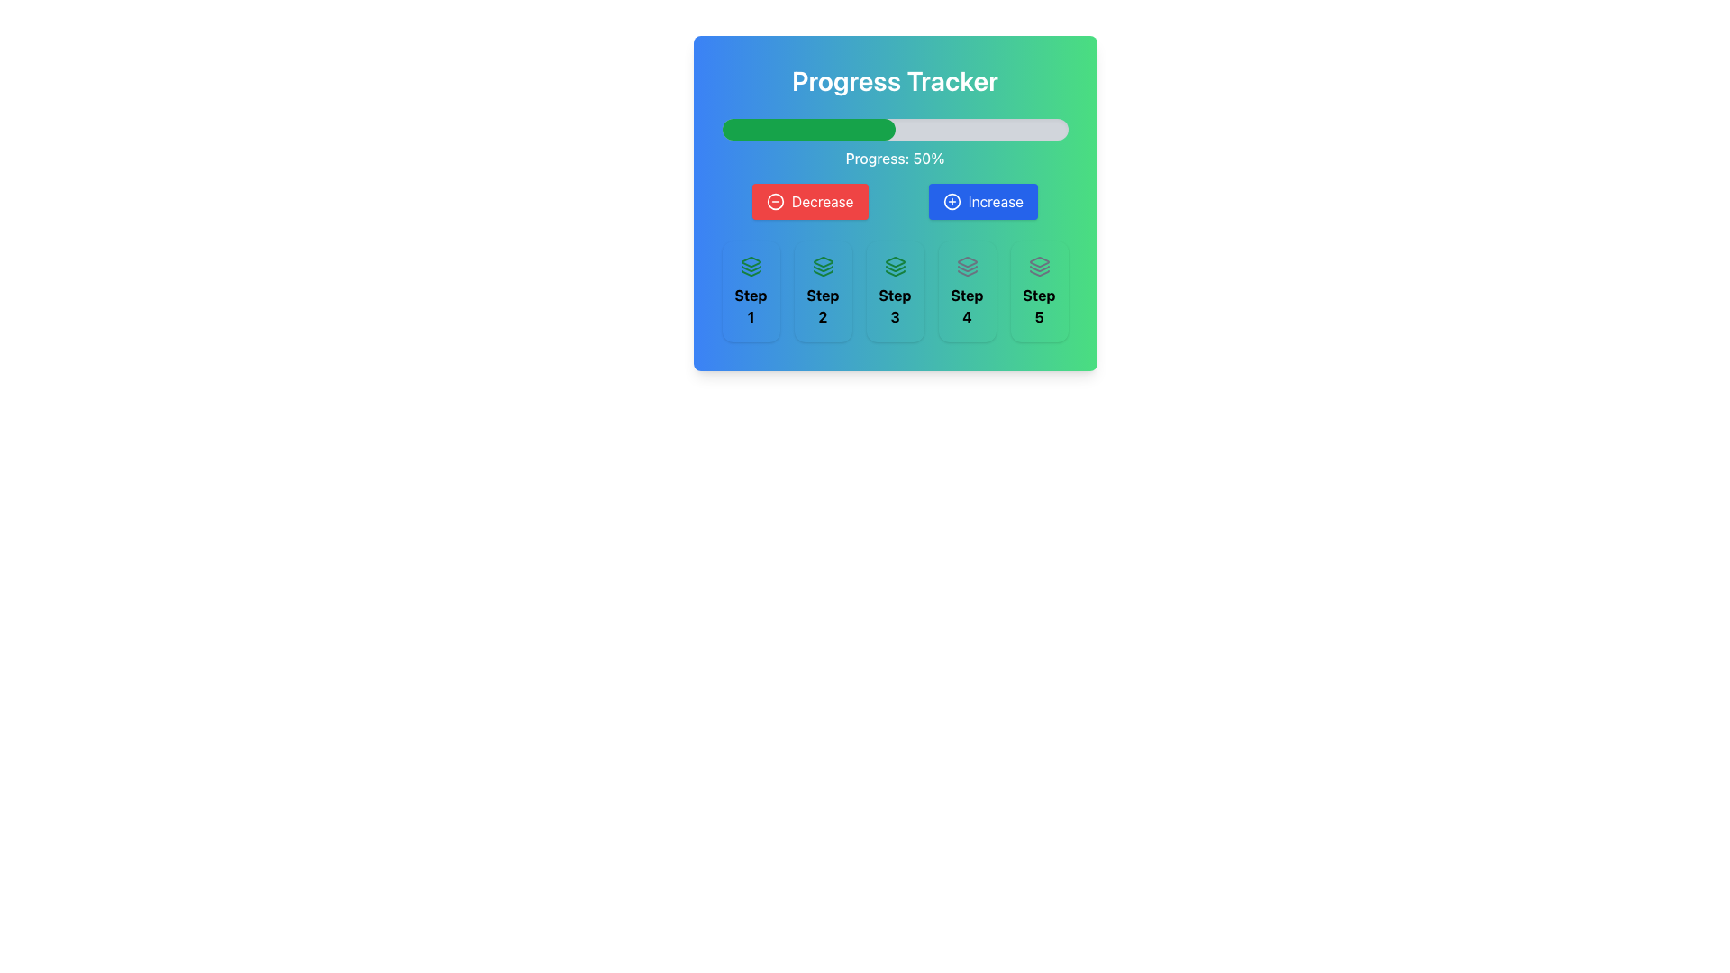 This screenshot has width=1730, height=973. Describe the element at coordinates (966, 291) in the screenshot. I see `the Interactive Step Indicator with a light green background and the text 'Step 4', which is the fourth component in a horizontal grid of five` at that location.